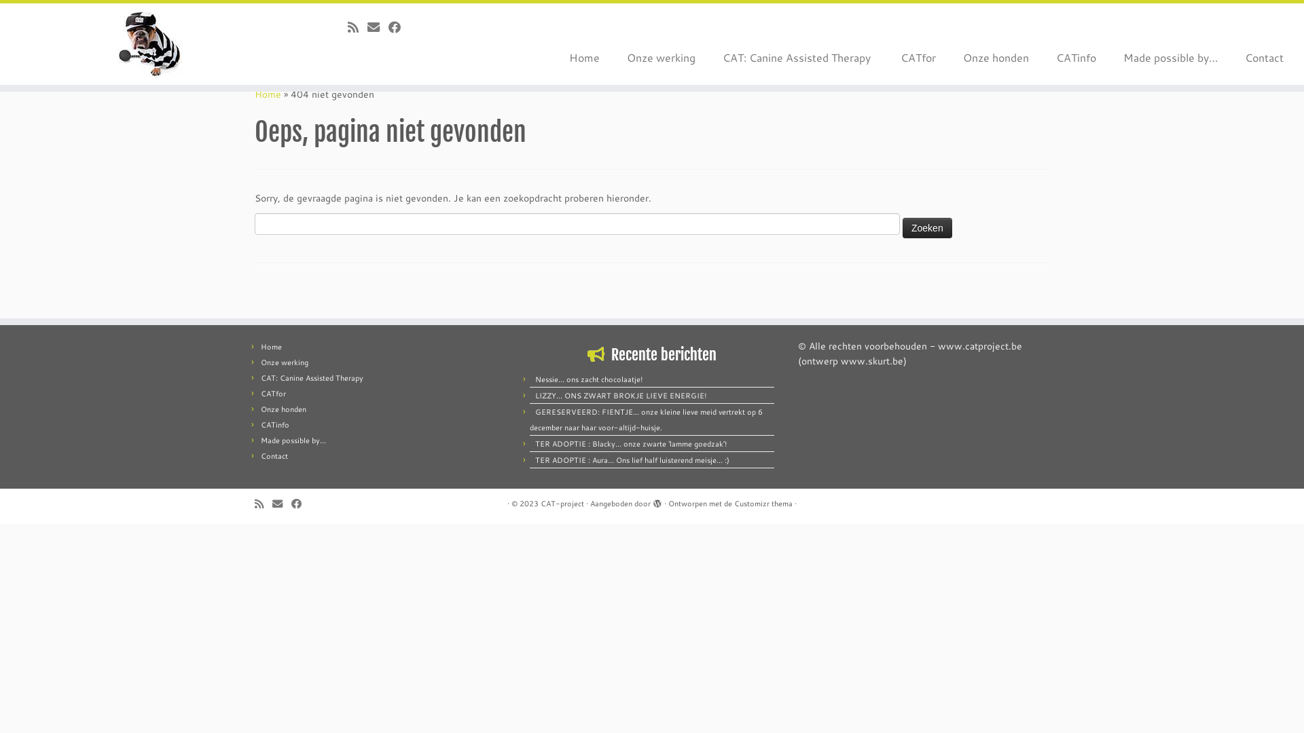  I want to click on 'Onze honden', so click(283, 408).